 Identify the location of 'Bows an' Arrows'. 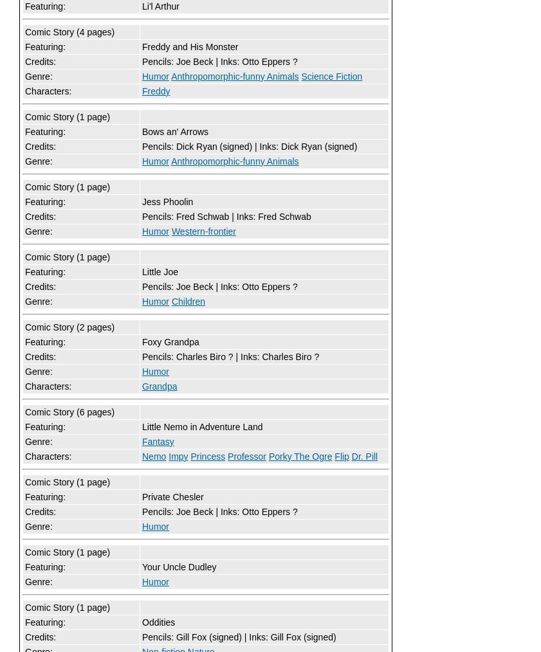
(174, 131).